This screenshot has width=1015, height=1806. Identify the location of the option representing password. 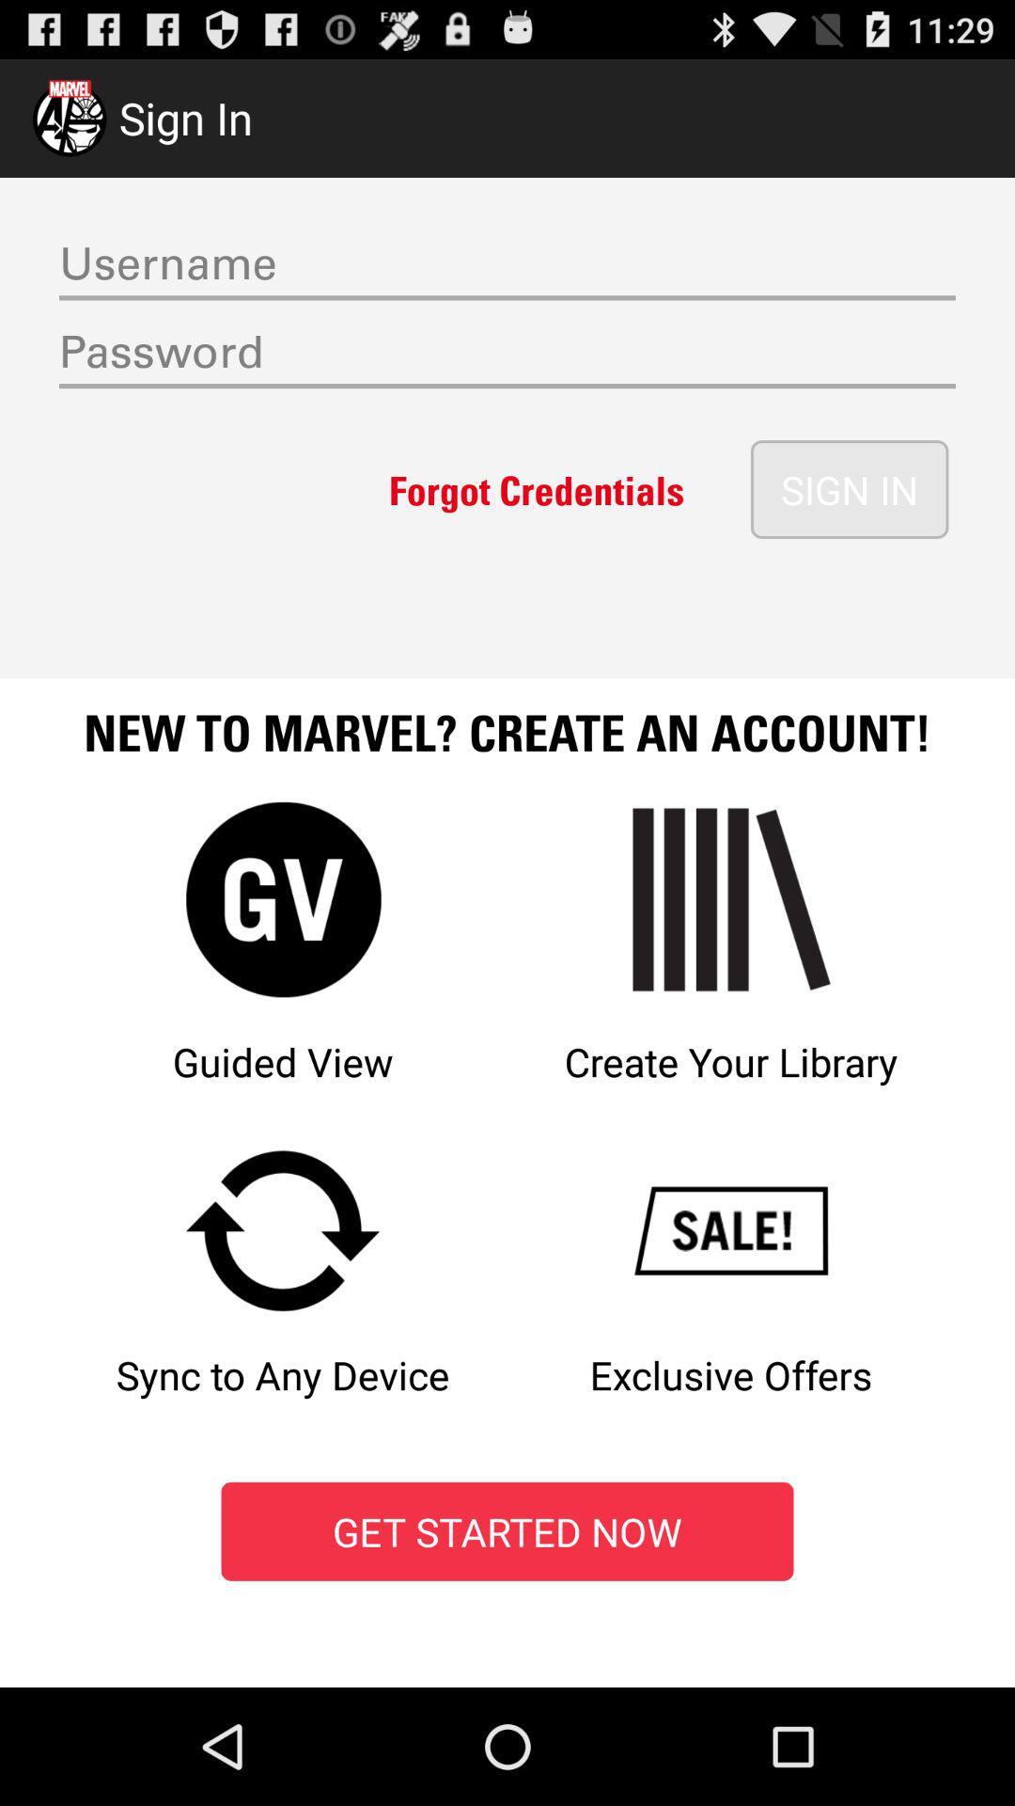
(507, 356).